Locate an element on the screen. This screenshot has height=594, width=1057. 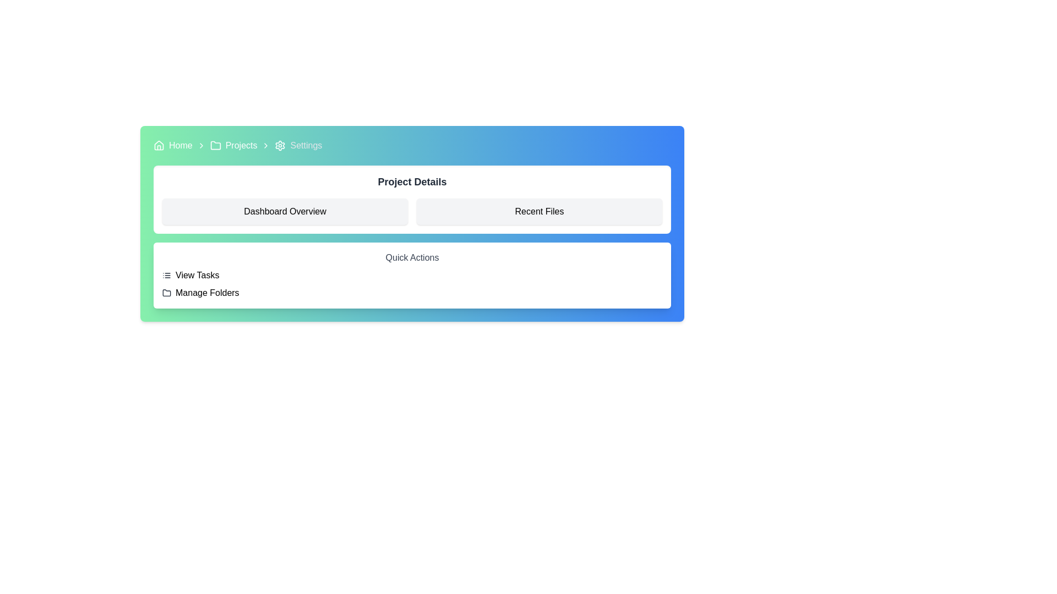
the settings icon in the horizontal breadcrumb navigation bar, which is the eleventh item and is located between the 'Projects' section and the 'Settings' label is located at coordinates (280, 145).